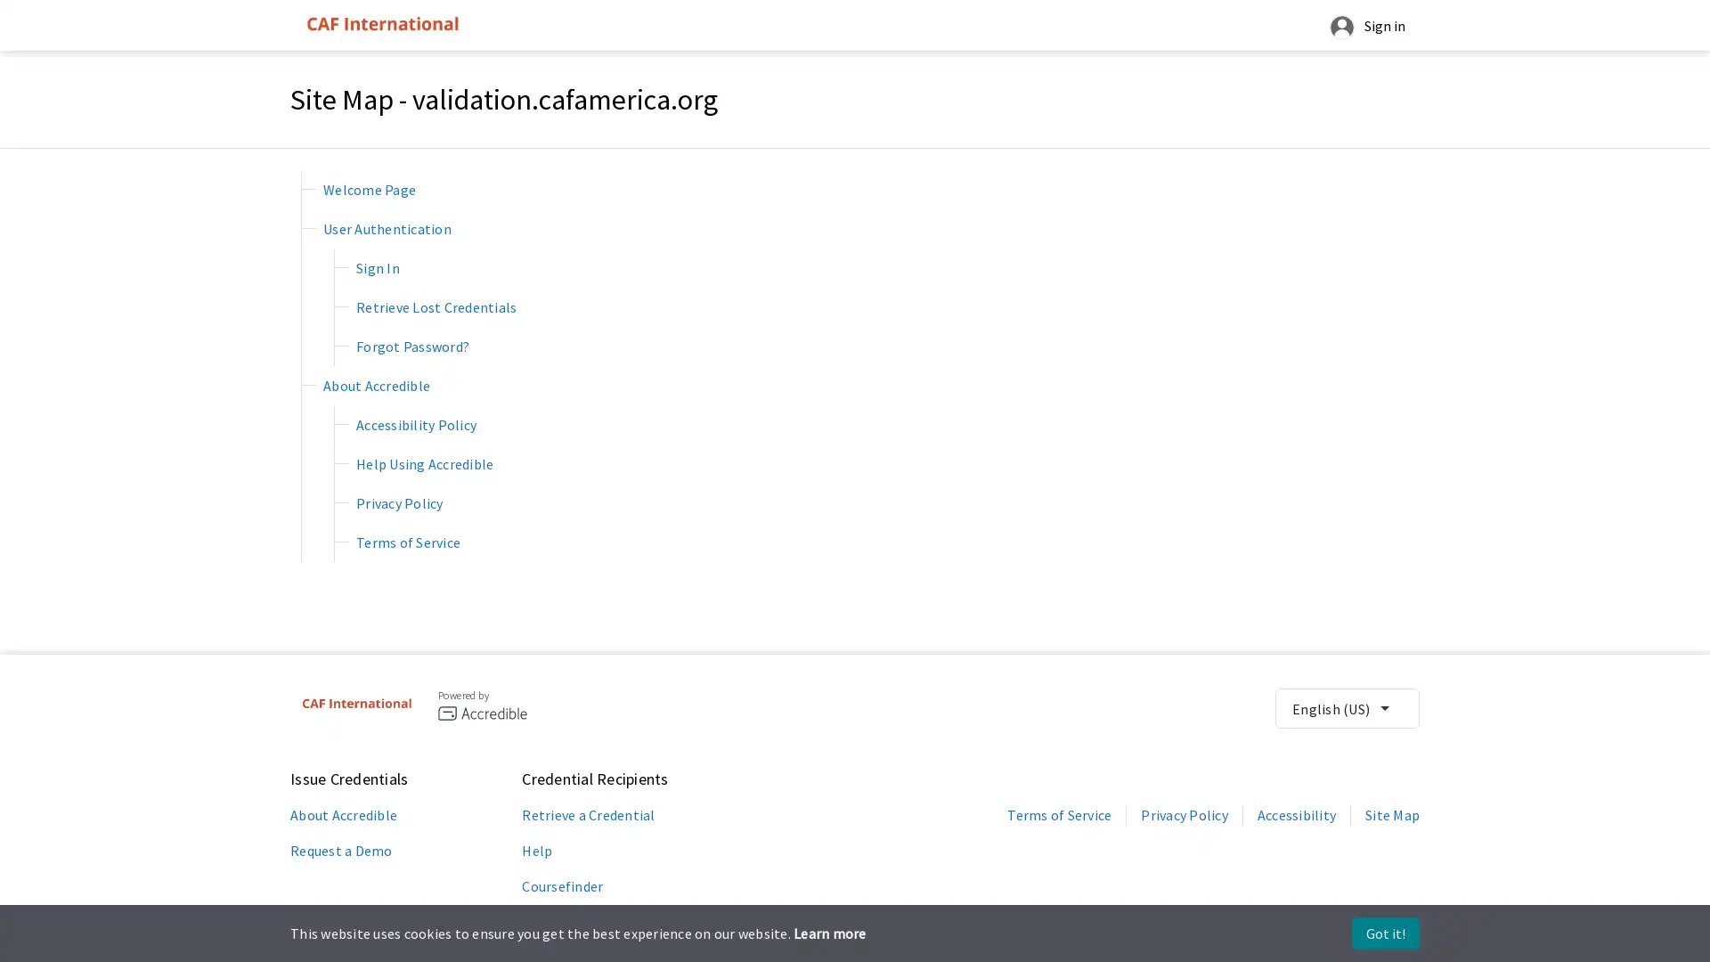 Image resolution: width=1710 pixels, height=962 pixels. I want to click on Got it!, so click(1384, 933).